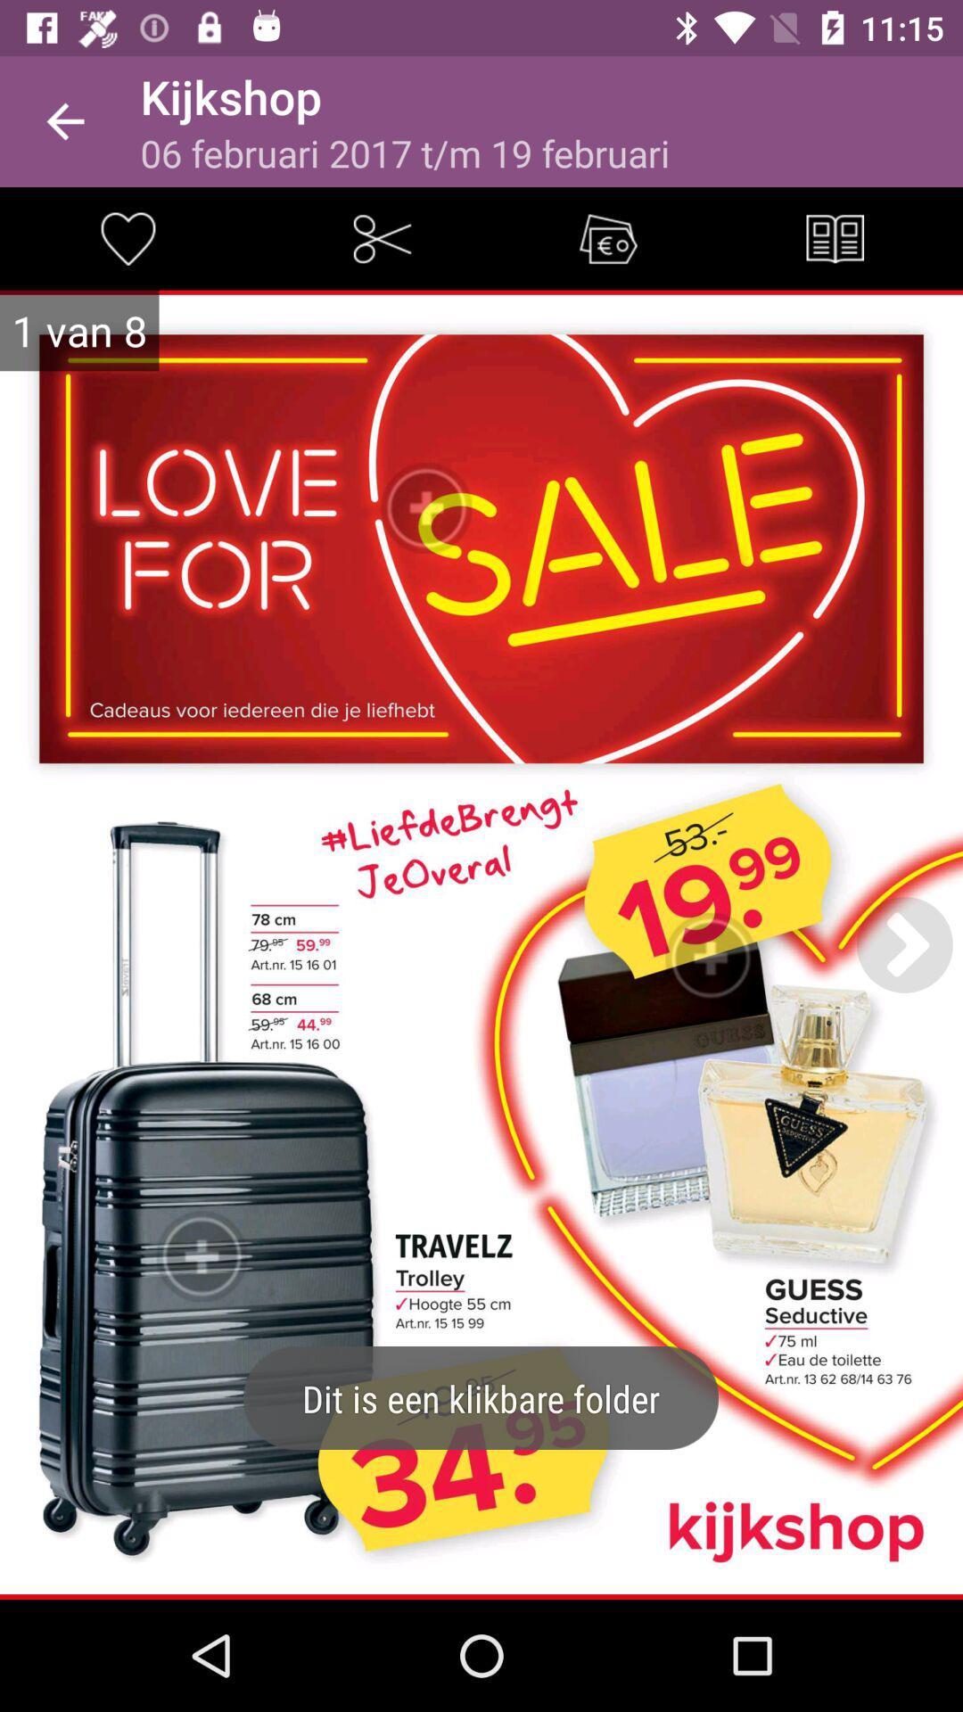 Image resolution: width=963 pixels, height=1712 pixels. I want to click on deals, so click(607, 237).